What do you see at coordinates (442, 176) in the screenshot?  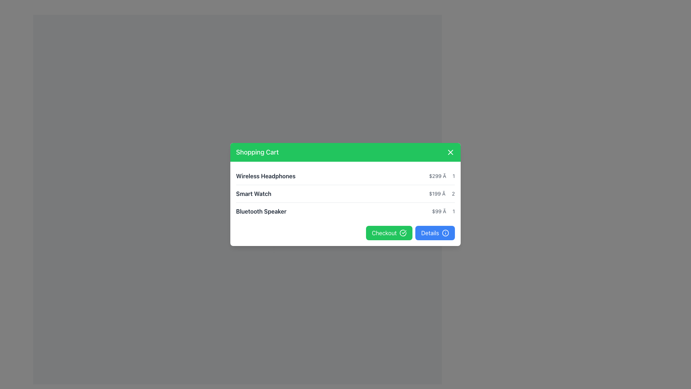 I see `the informational text label displaying the cost and quantity of 'Wireless Headphones' in the shopping cart interface` at bounding box center [442, 176].